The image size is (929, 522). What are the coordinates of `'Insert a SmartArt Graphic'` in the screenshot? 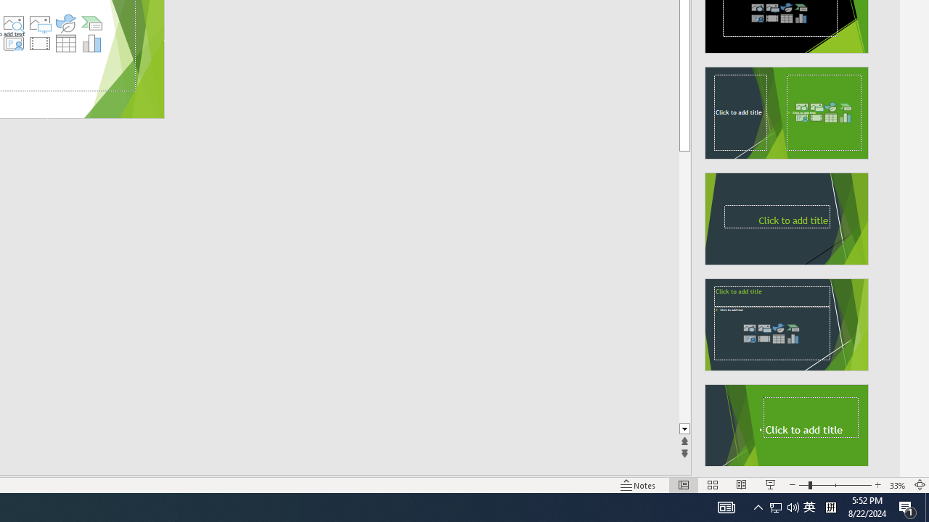 It's located at (91, 23).